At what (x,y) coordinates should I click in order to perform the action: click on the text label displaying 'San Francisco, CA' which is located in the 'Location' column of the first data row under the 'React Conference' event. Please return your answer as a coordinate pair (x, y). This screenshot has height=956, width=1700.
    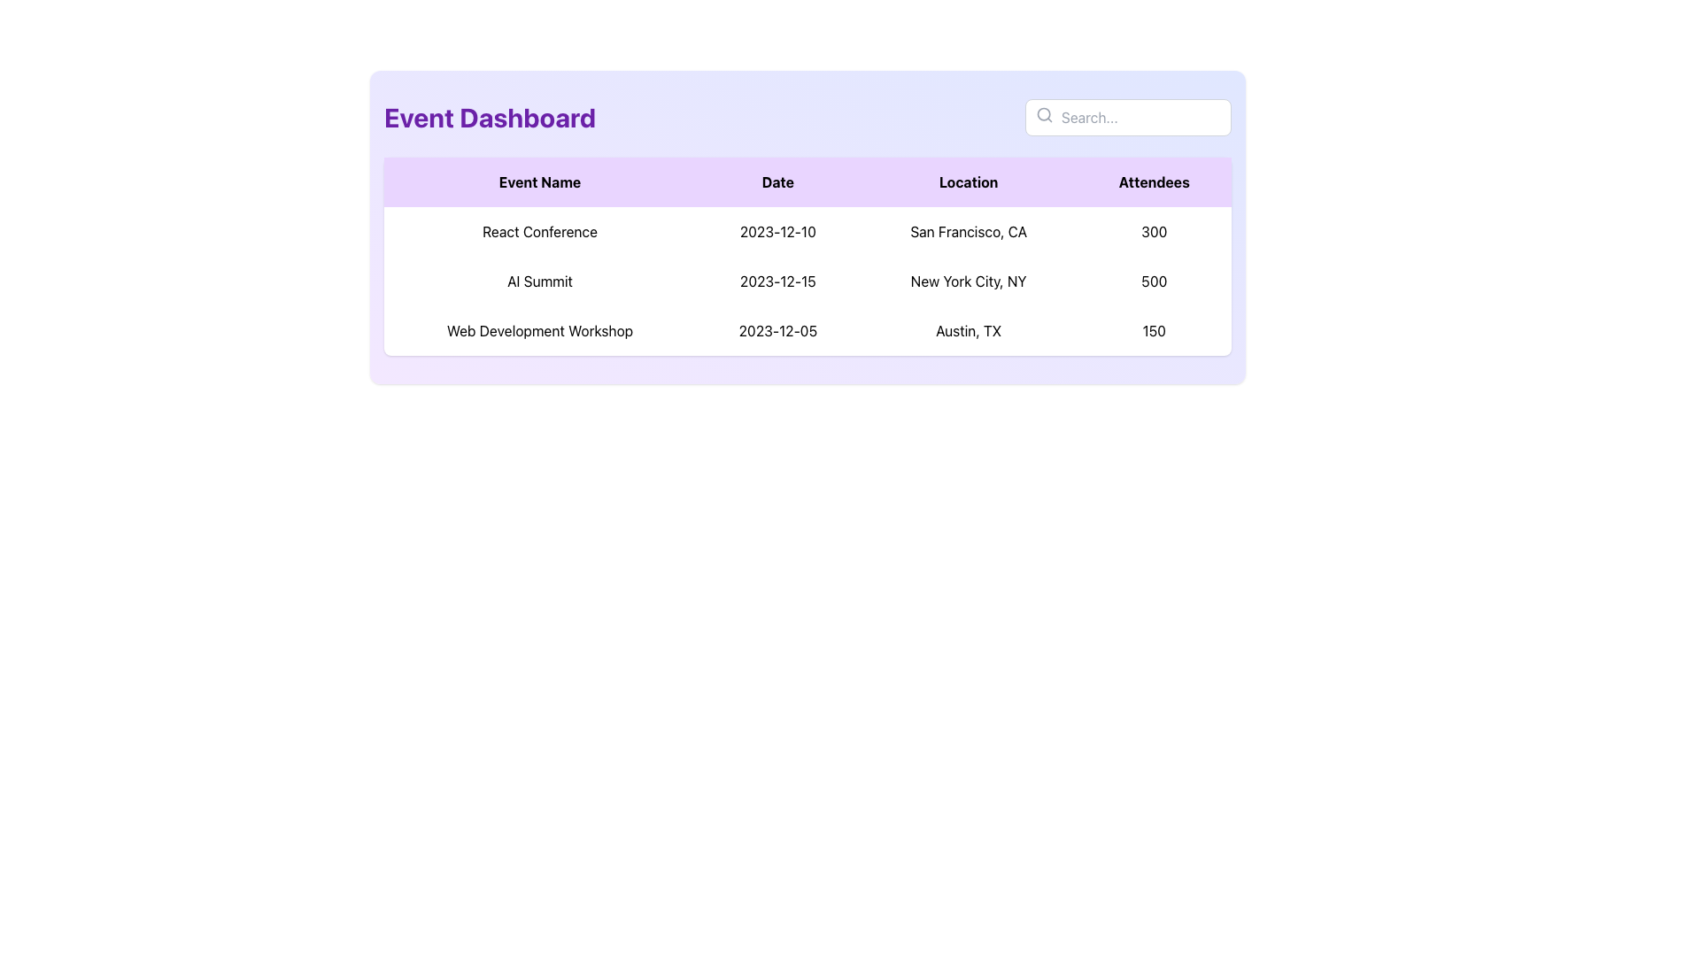
    Looking at the image, I should click on (968, 231).